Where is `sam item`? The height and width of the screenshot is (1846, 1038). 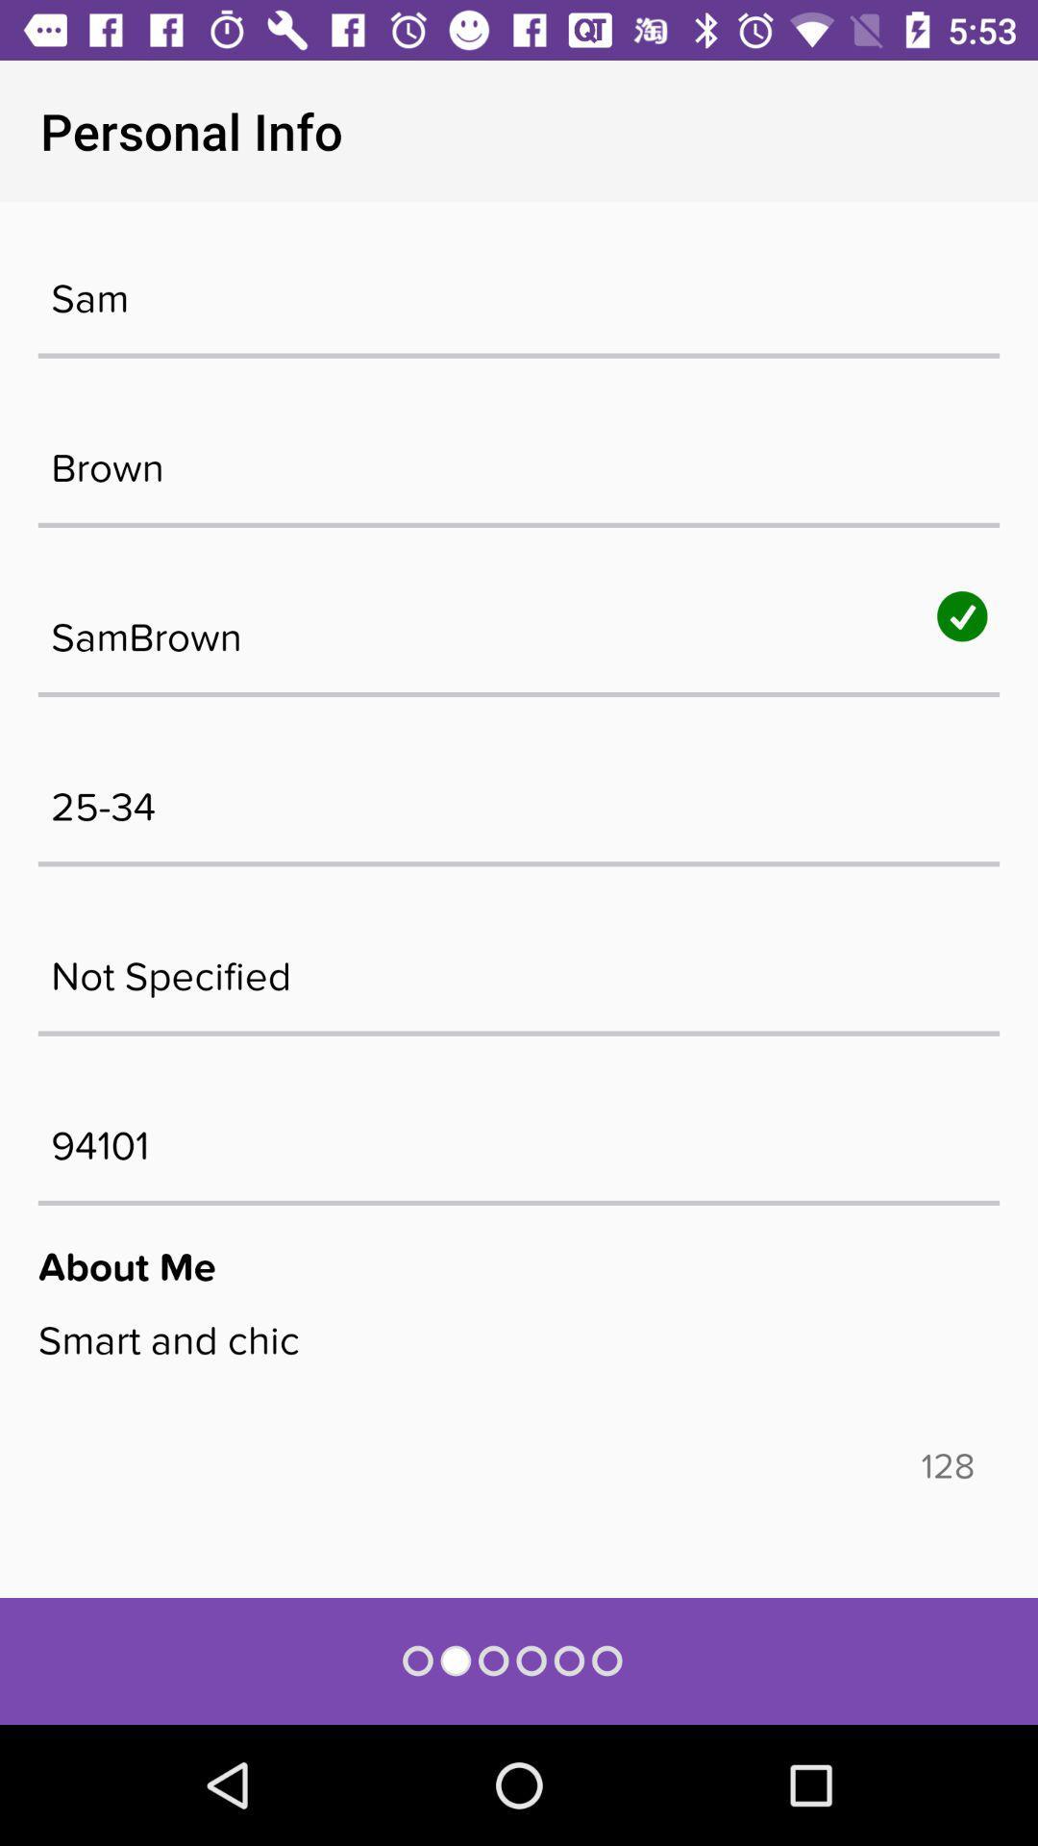 sam item is located at coordinates (519, 287).